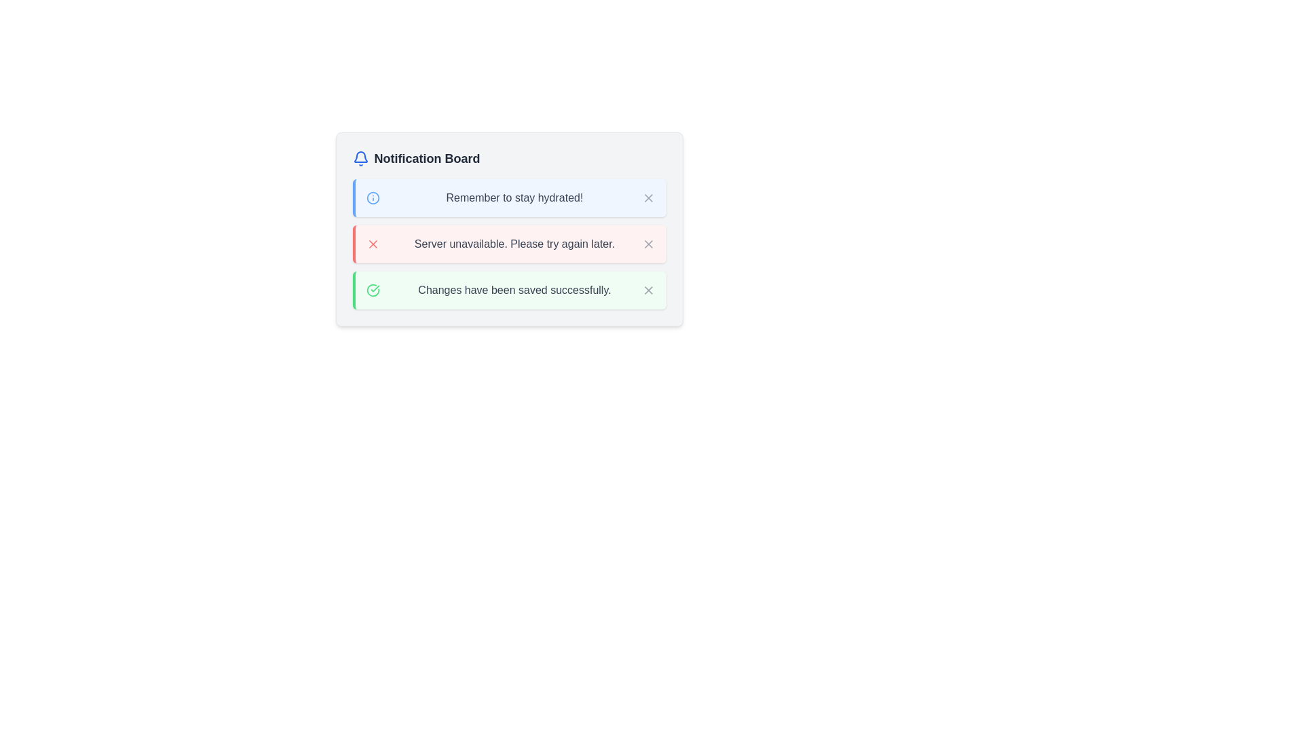  Describe the element at coordinates (373, 290) in the screenshot. I see `the success icon located at the left side of the greenish notification box that indicates successful changes, associated with the text 'Changes have been saved successfully.'` at that location.